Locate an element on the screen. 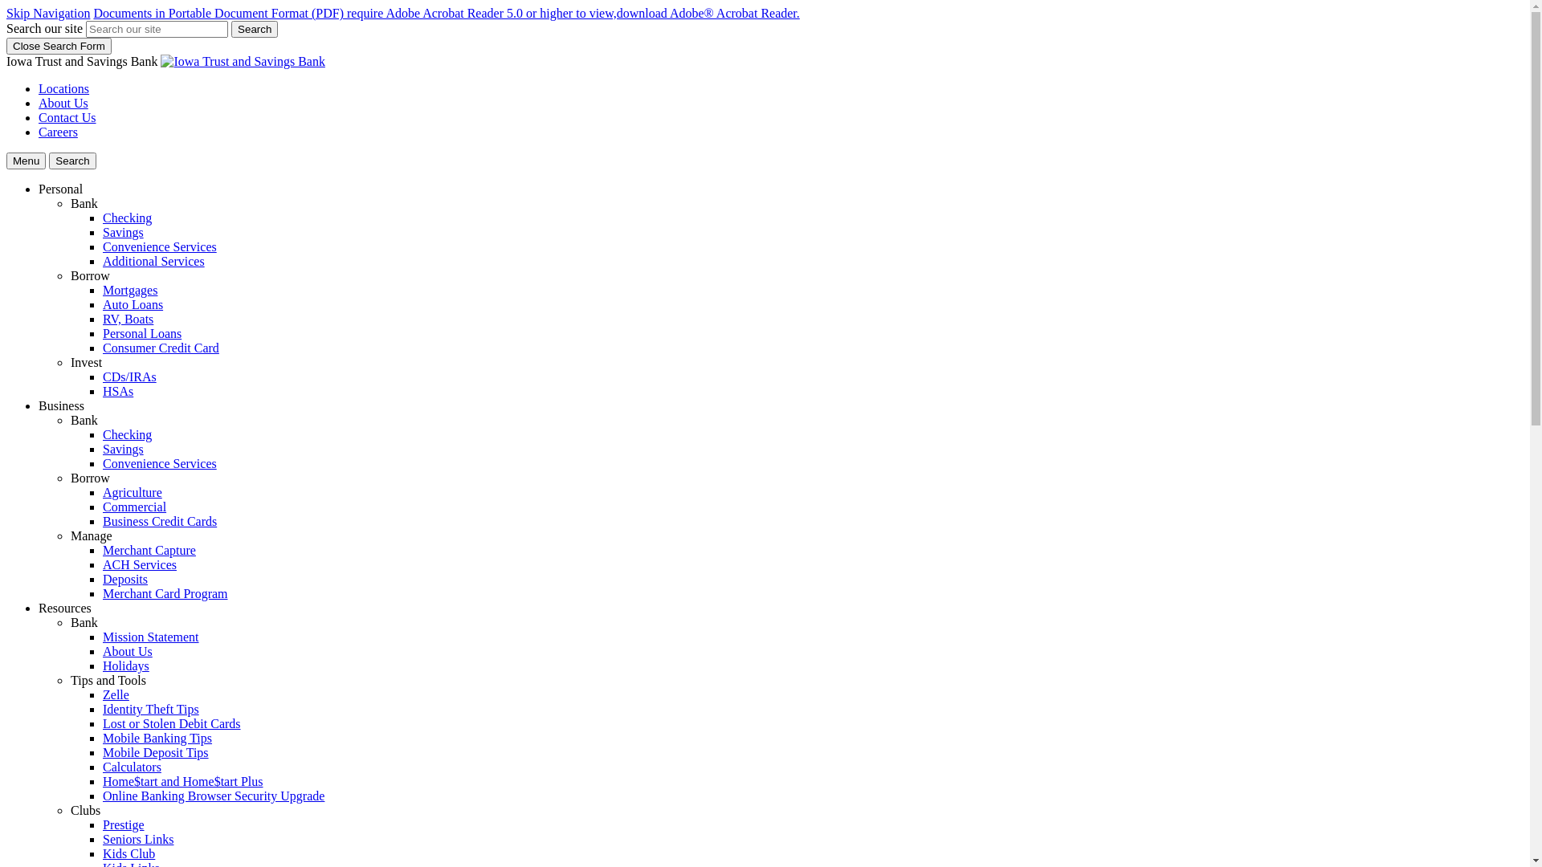  'Kids Club' is located at coordinates (102, 853).